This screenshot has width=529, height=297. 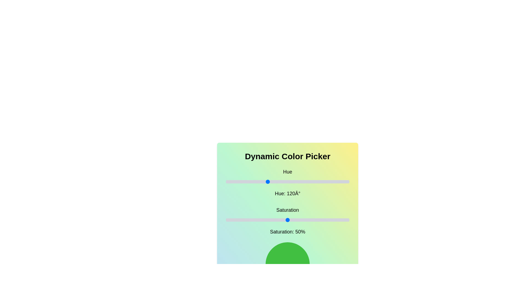 I want to click on the hue slider to set the hue to 203, so click(x=295, y=182).